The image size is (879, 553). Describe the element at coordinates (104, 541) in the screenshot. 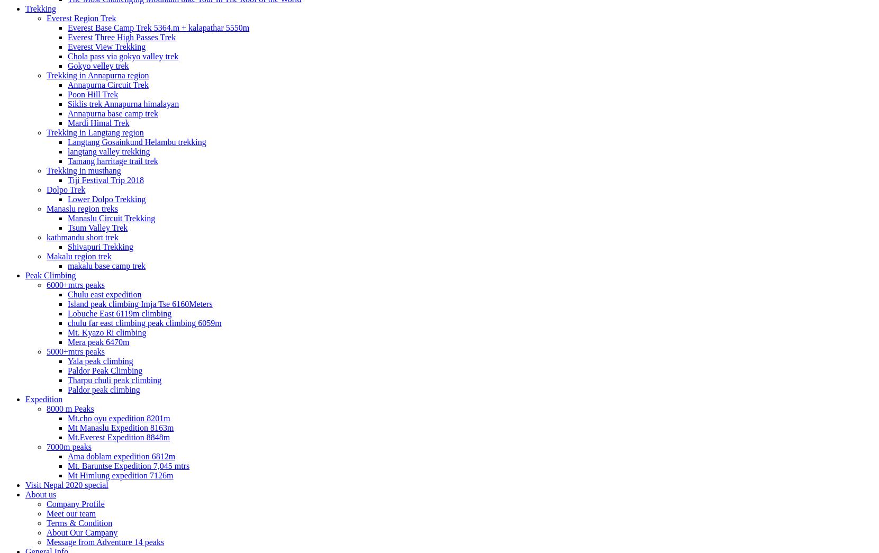

I see `'Message from Adventure 14 peaks'` at that location.